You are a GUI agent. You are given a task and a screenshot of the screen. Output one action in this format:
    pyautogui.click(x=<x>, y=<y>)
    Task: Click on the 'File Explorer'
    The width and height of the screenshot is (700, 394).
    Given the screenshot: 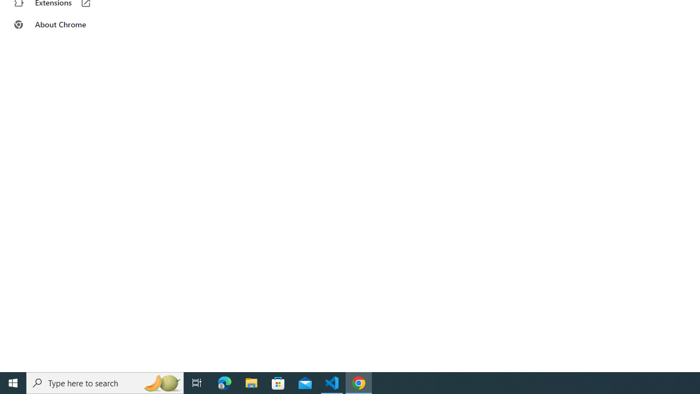 What is the action you would take?
    pyautogui.click(x=251, y=382)
    